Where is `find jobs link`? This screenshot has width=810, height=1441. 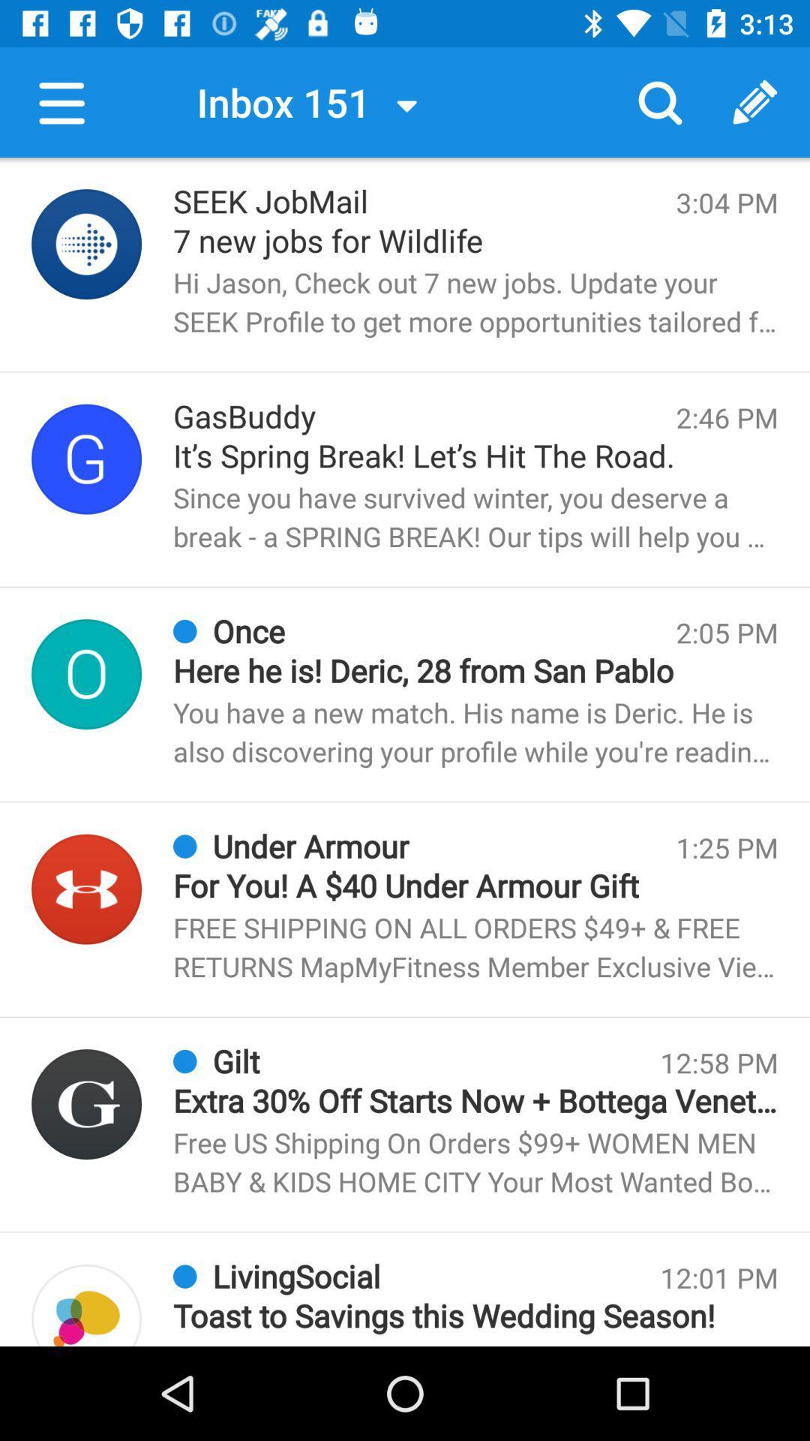
find jobs link is located at coordinates (86, 244).